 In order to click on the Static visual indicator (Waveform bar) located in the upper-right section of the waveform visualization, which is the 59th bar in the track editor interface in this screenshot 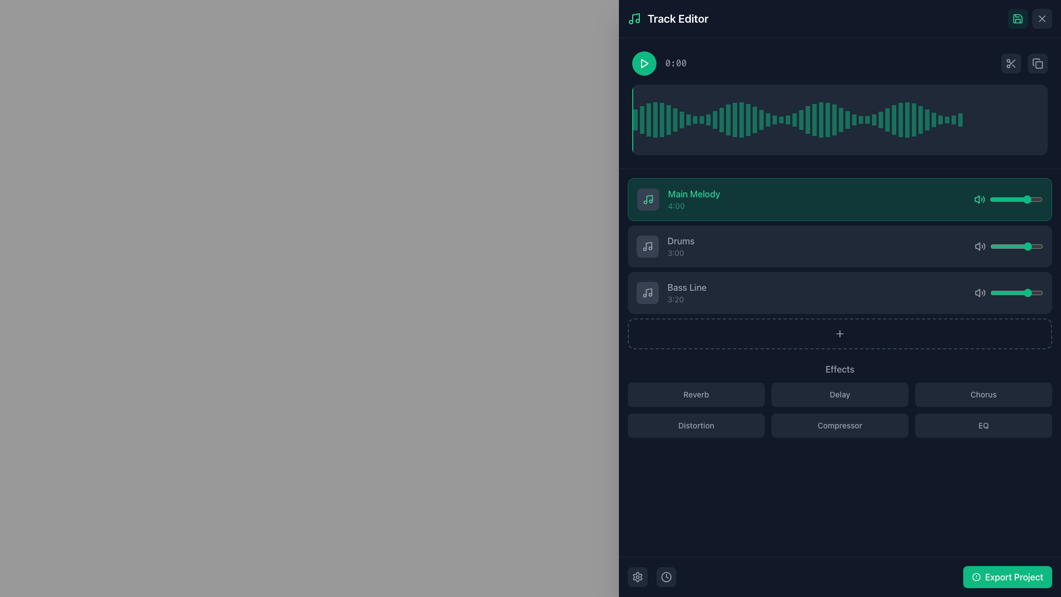, I will do `click(953, 119)`.